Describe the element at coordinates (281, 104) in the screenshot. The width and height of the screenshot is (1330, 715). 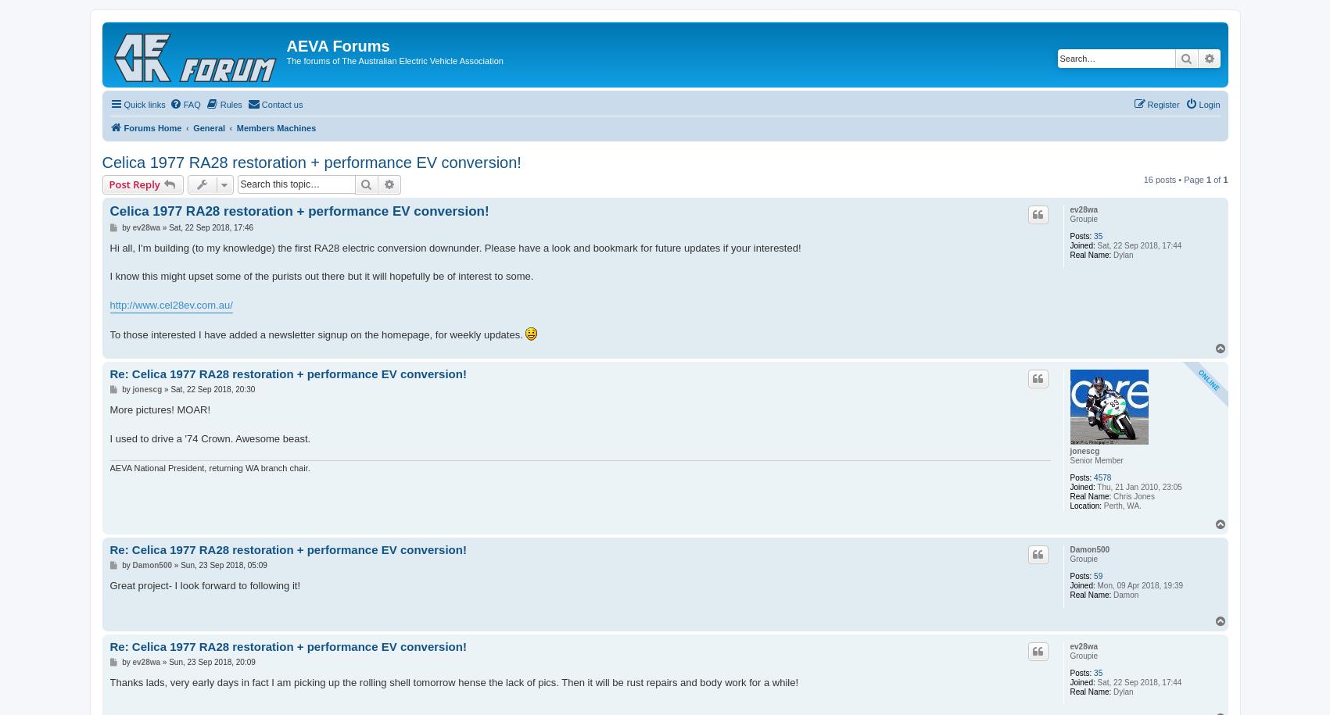
I see `'Contact us'` at that location.